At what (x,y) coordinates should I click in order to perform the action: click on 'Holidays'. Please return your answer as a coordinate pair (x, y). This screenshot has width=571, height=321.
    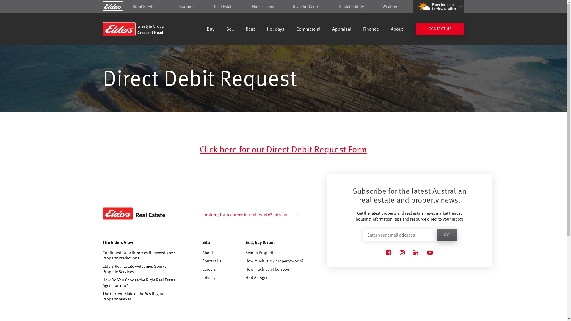
    Looking at the image, I should click on (275, 29).